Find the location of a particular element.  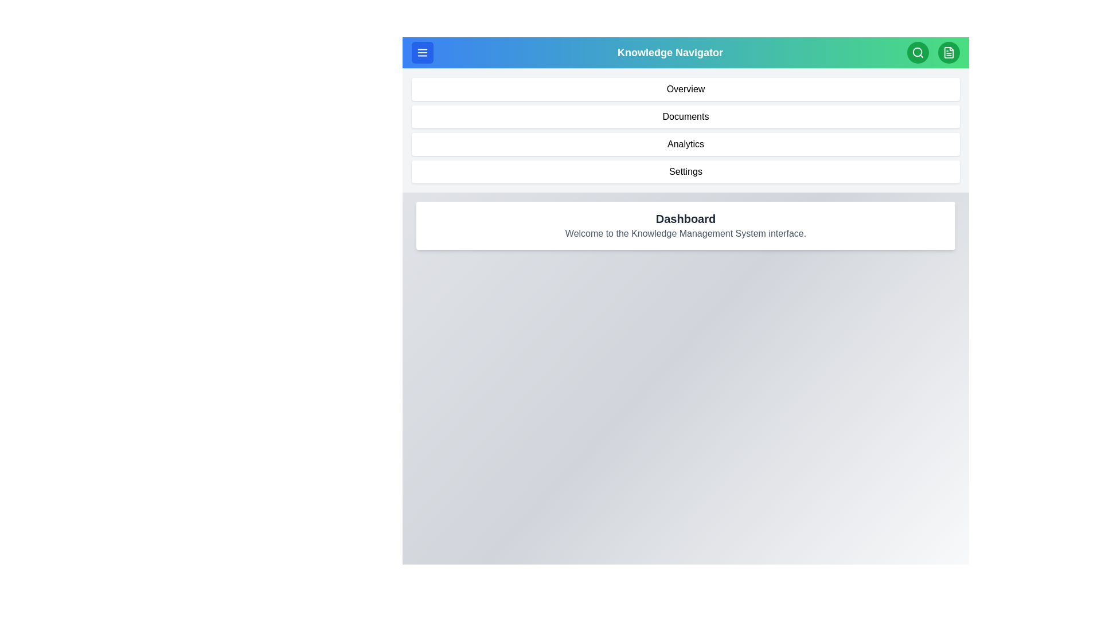

the menu toggle button to change the menu visibility is located at coordinates (422, 53).